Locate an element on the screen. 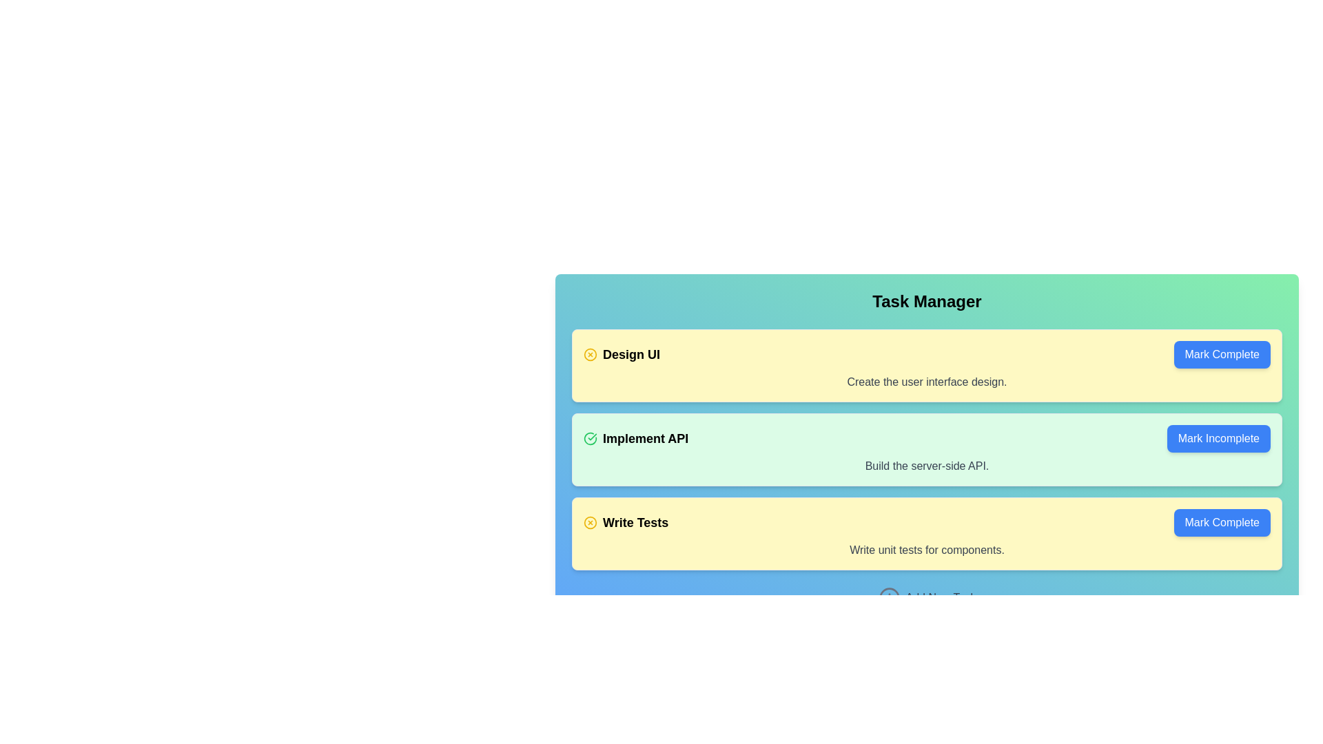  the Text label that provides a description for the 'Implement API' task, located in the task card below the main task heading is located at coordinates (927, 466).